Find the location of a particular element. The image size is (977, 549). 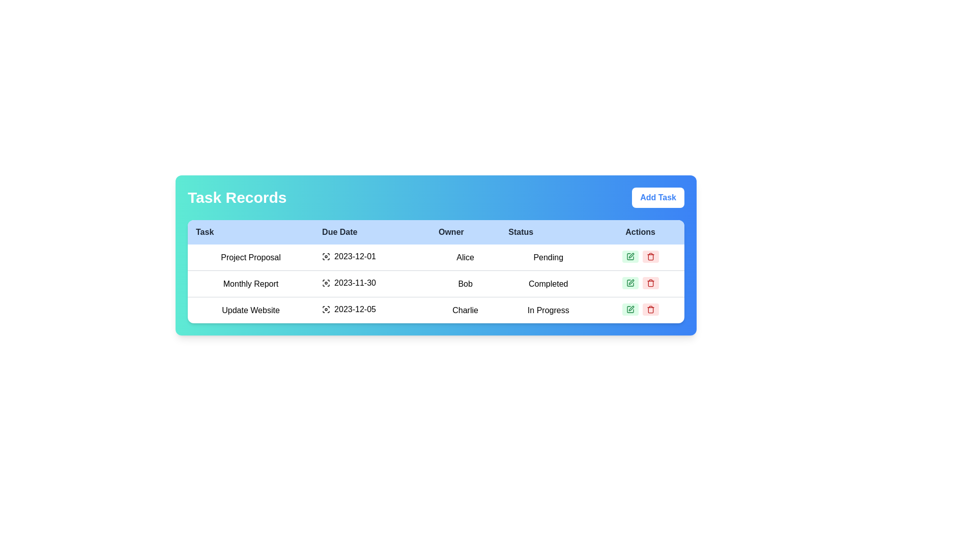

the delete button in the Actions column of the second row is located at coordinates (649, 283).